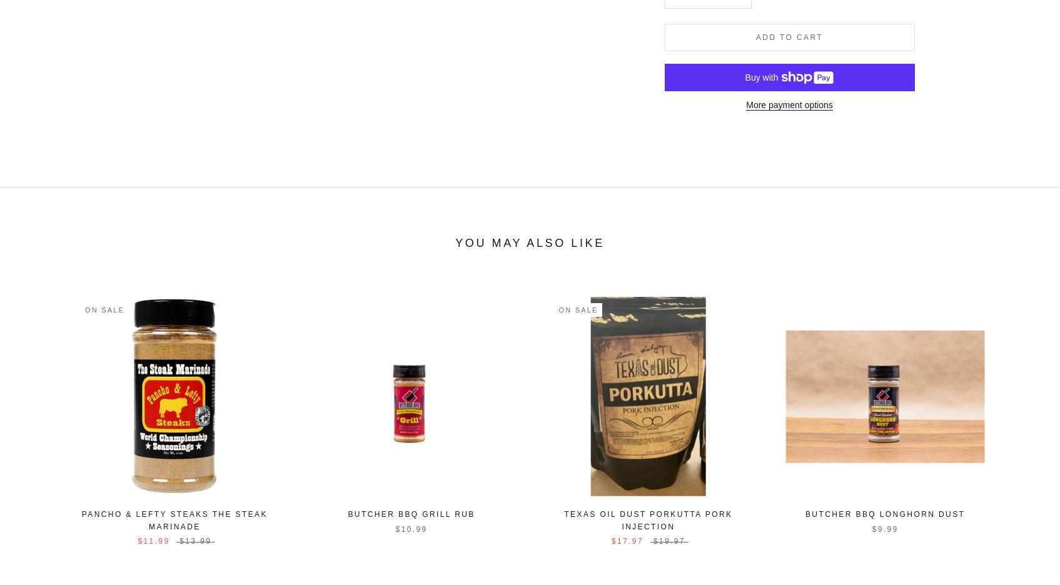 The height and width of the screenshot is (585, 1060). Describe the element at coordinates (652, 540) in the screenshot. I see `'$19.97'` at that location.